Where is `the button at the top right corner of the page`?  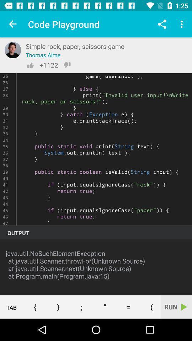 the button at the top right corner of the page is located at coordinates (183, 24).